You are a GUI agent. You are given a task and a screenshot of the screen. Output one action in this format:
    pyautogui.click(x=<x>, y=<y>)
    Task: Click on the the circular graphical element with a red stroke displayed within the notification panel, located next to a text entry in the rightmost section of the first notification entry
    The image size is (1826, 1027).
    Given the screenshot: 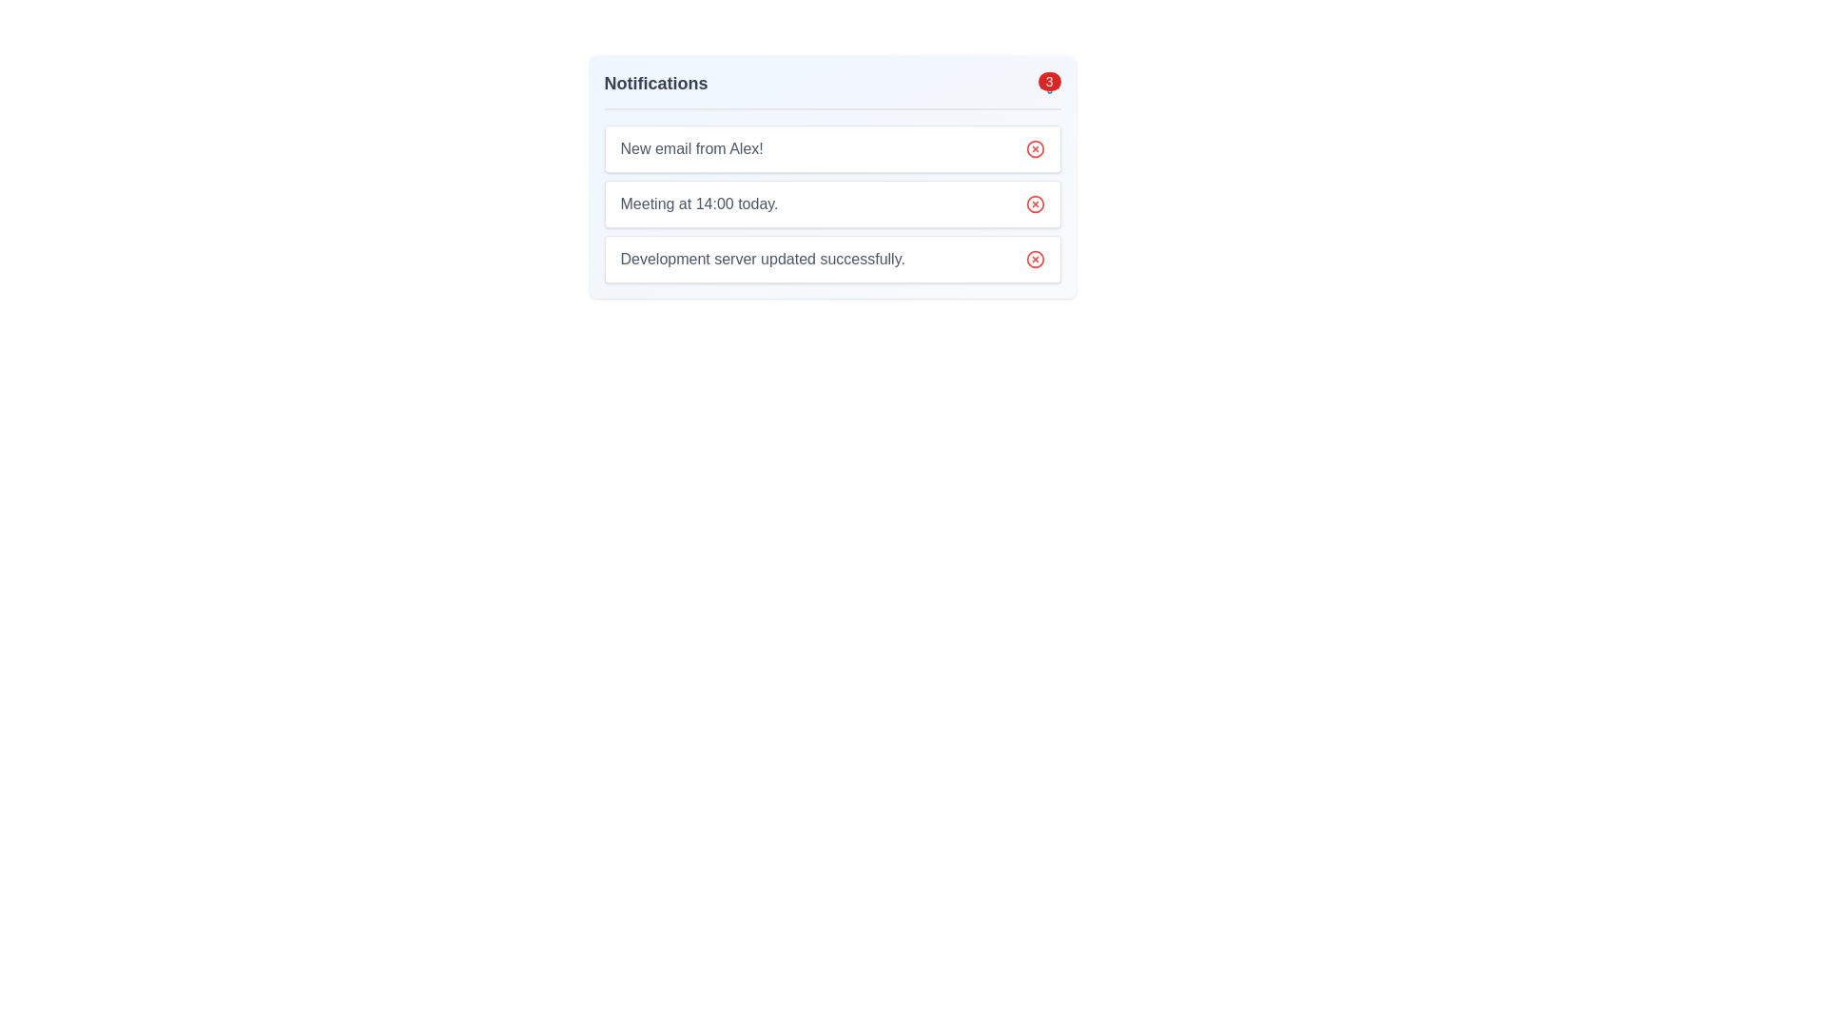 What is the action you would take?
    pyautogui.click(x=1034, y=148)
    